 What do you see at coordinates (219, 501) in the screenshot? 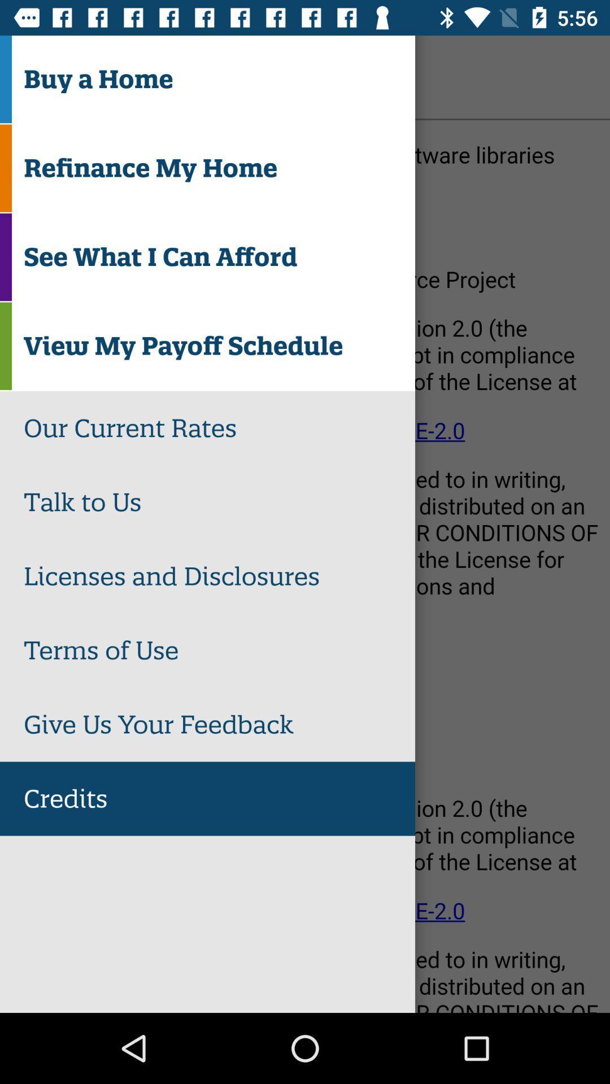
I see `the talk to us icon` at bounding box center [219, 501].